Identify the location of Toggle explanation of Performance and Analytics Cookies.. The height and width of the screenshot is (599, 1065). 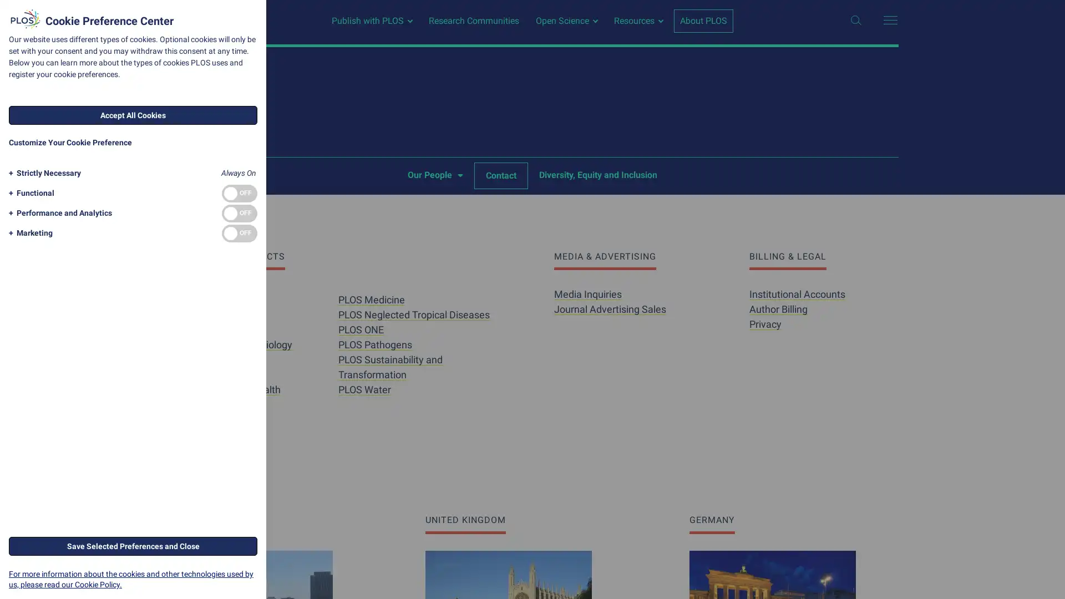
(58, 213).